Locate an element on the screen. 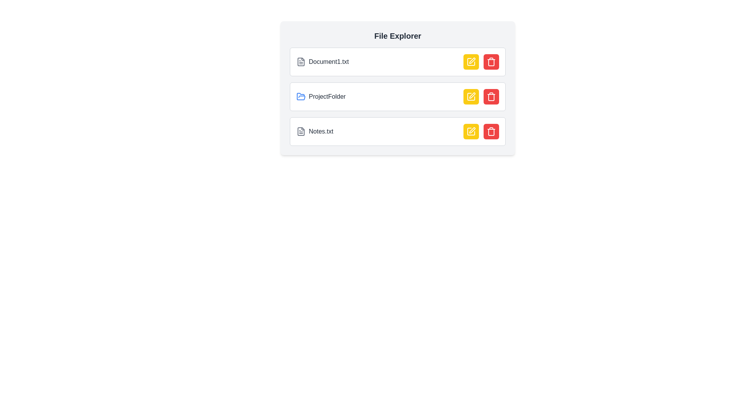  the leftmost icon button associated with the file 'ProjectFolder' is located at coordinates (472, 95).